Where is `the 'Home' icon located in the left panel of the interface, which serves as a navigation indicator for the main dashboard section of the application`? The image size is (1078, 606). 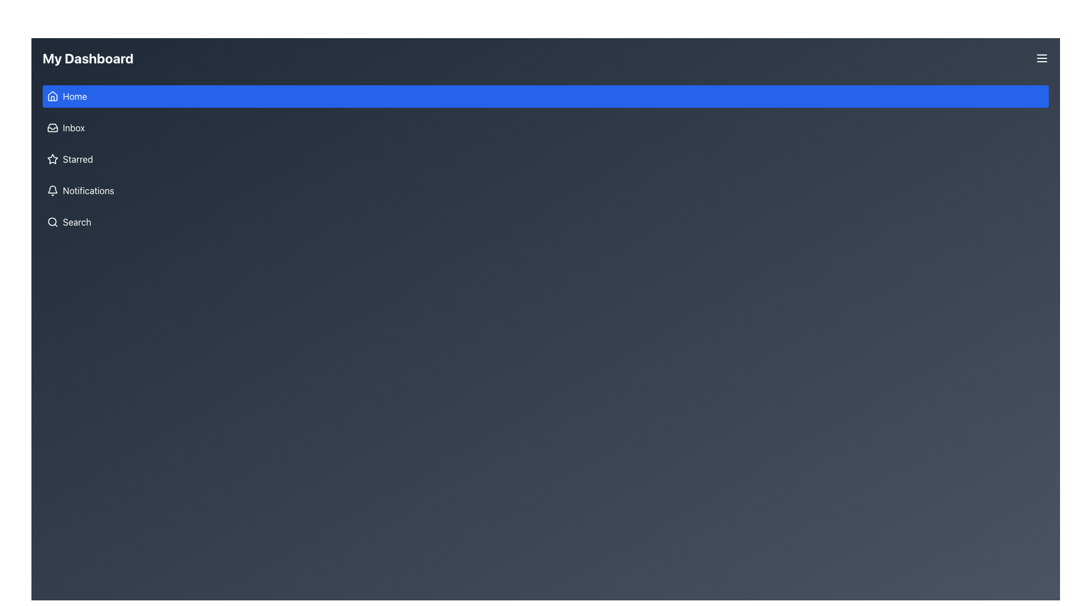 the 'Home' icon located in the left panel of the interface, which serves as a navigation indicator for the main dashboard section of the application is located at coordinates (52, 96).